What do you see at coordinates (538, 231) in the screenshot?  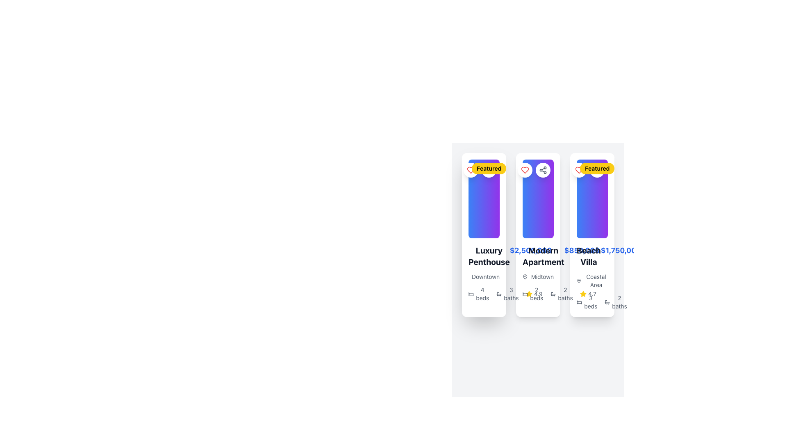 I see `the second property information card displaying 'Modern Apartment' with a price of '$850,000' located in 'Midtown'` at bounding box center [538, 231].